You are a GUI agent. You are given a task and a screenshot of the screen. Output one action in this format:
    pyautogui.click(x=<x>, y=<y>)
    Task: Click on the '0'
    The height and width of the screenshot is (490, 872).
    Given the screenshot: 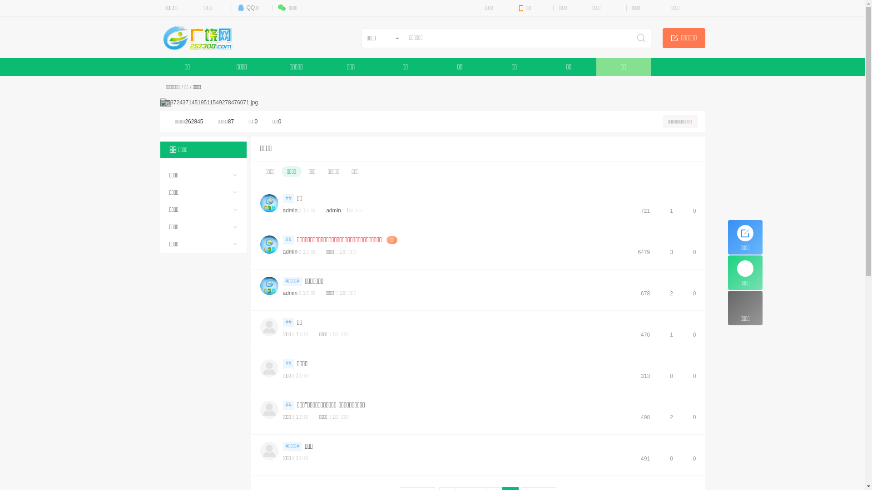 What is the action you would take?
    pyautogui.click(x=690, y=376)
    